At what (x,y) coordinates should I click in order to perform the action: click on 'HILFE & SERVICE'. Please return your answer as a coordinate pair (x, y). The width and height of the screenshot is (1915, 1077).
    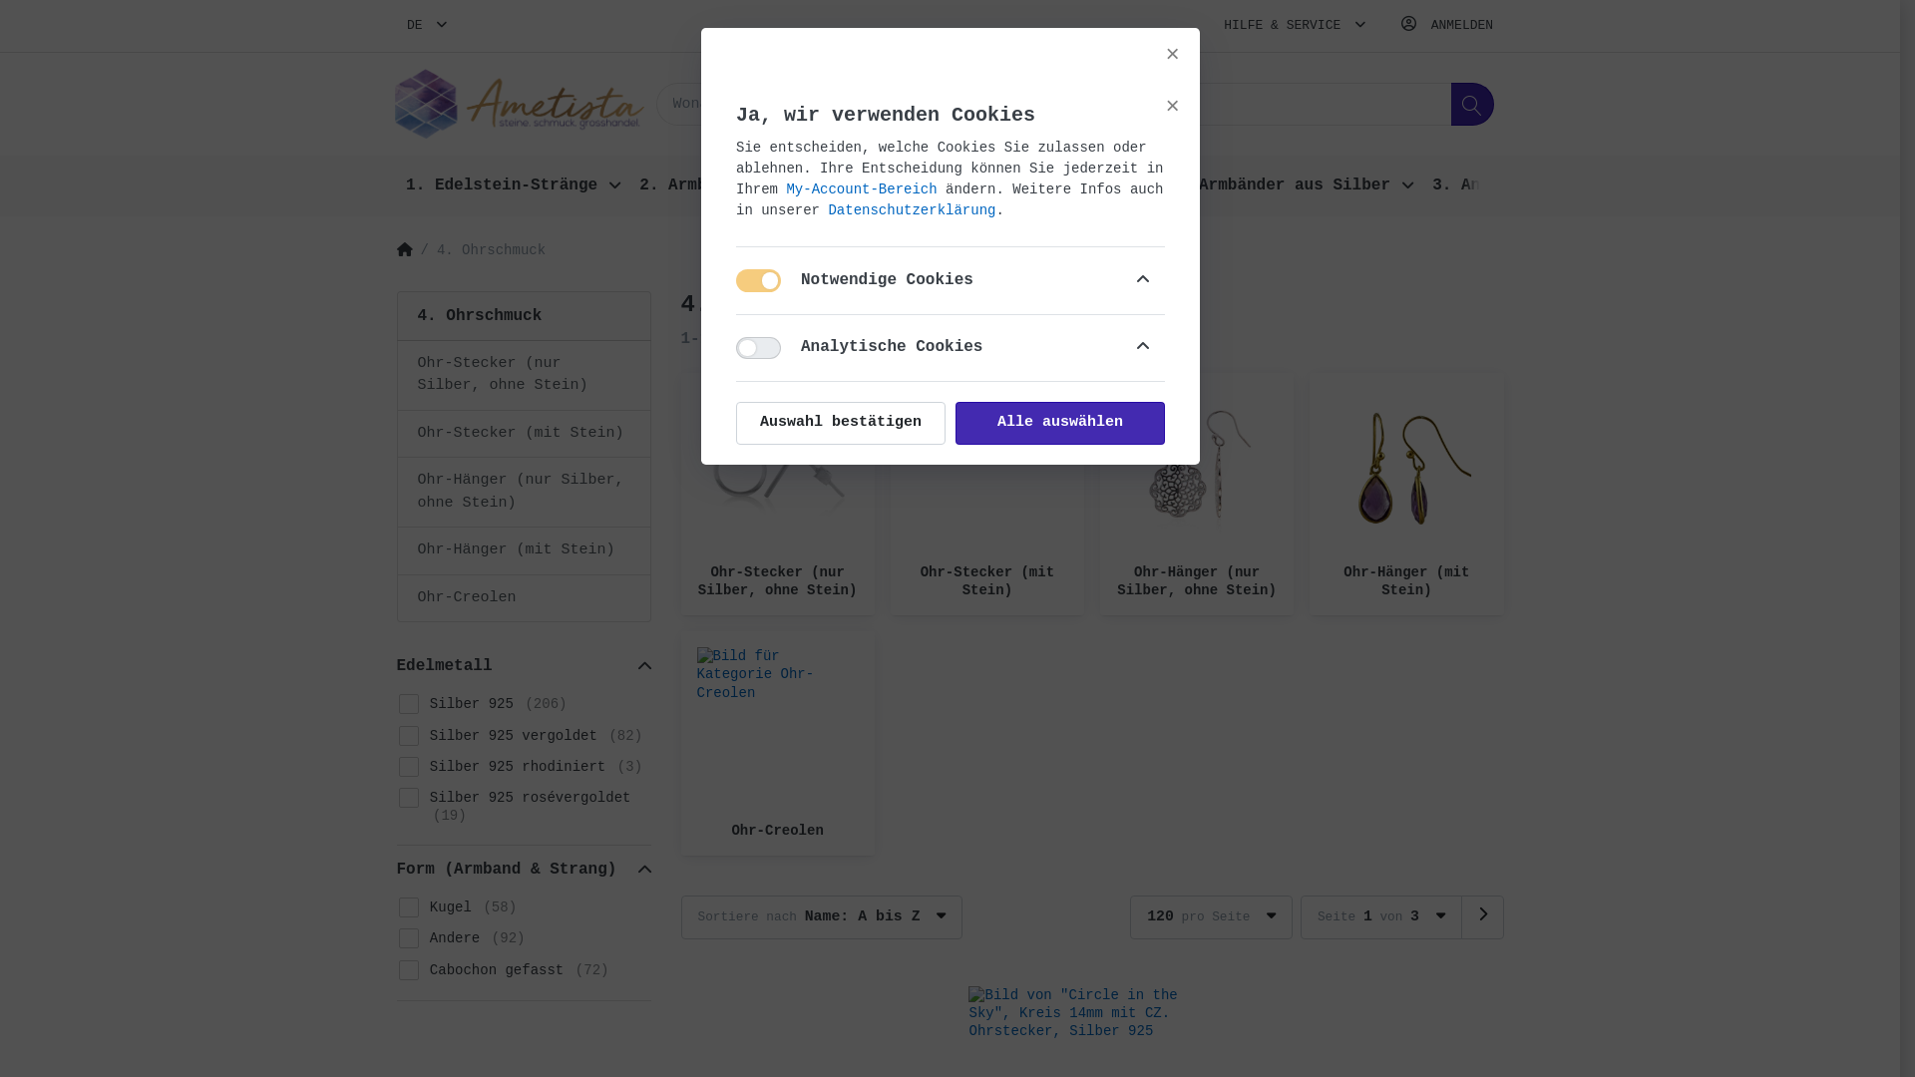
    Looking at the image, I should click on (1213, 26).